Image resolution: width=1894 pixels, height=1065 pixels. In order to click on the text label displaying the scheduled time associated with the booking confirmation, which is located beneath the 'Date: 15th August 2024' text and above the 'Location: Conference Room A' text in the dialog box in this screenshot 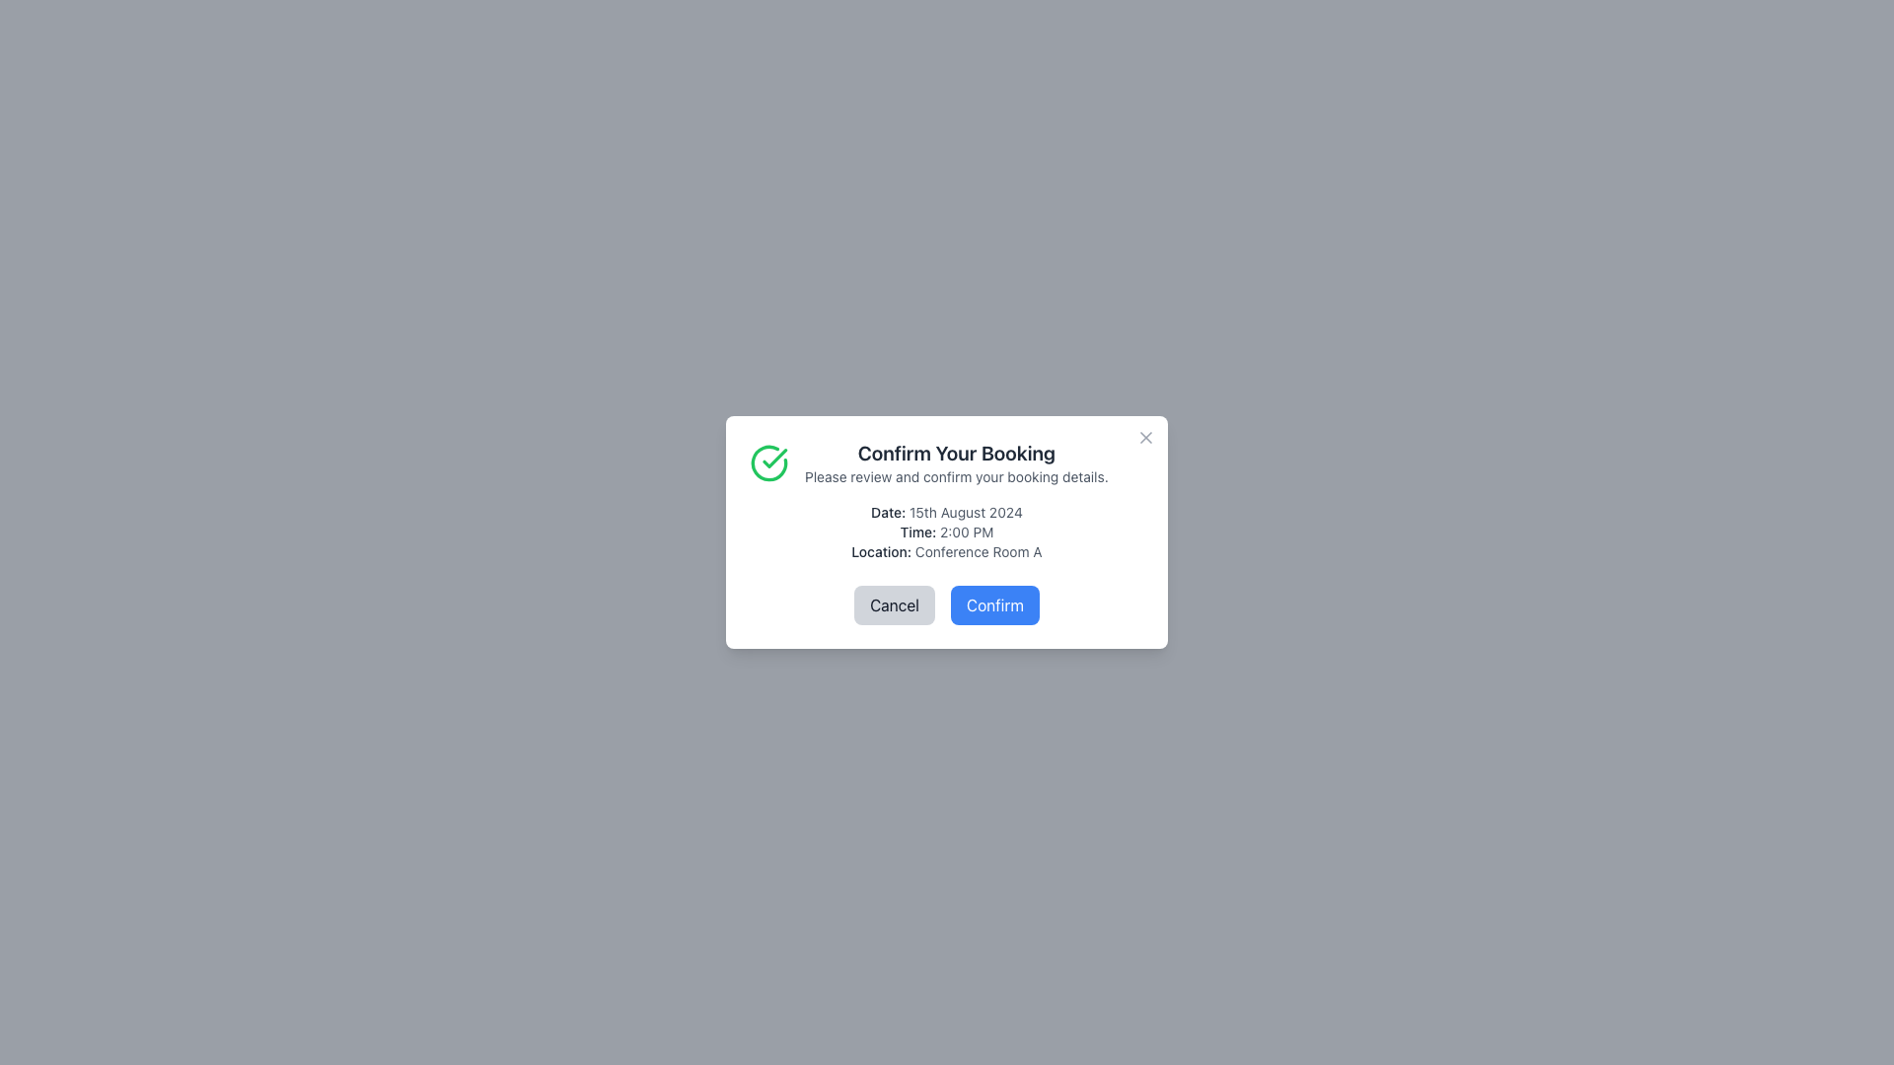, I will do `click(947, 532)`.